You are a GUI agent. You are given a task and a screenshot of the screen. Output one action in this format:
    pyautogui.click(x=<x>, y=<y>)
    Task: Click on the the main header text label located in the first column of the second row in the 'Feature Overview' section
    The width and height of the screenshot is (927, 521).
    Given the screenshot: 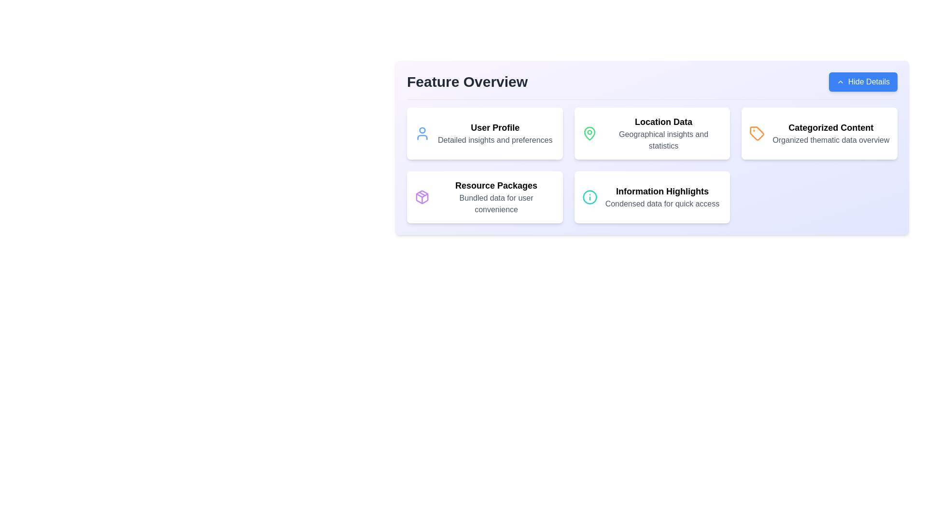 What is the action you would take?
    pyautogui.click(x=496, y=186)
    